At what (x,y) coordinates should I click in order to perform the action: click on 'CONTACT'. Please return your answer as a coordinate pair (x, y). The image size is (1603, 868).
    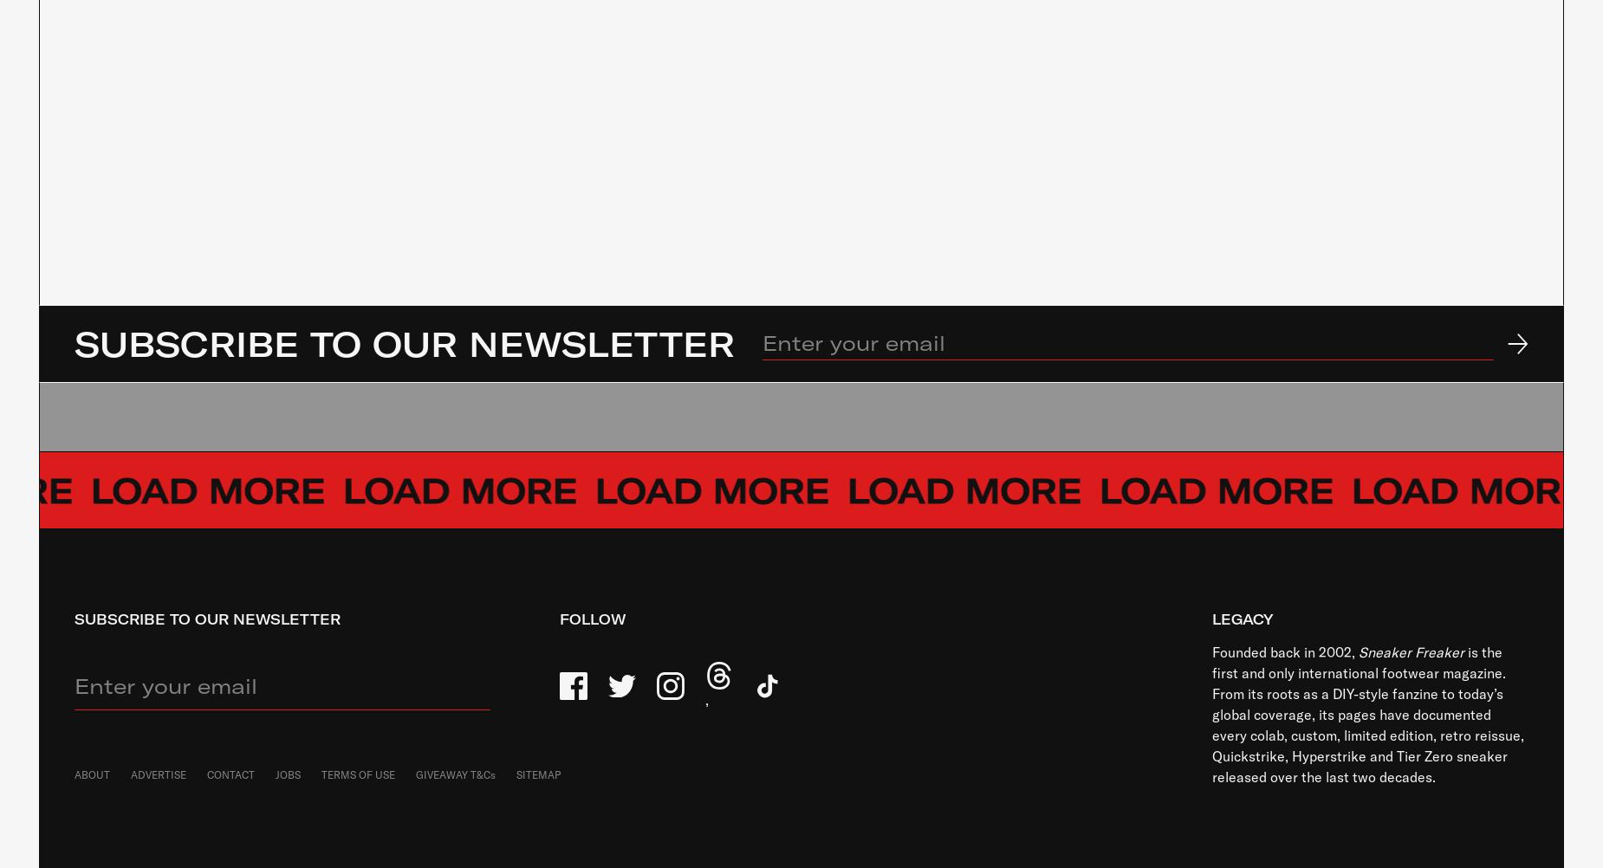
    Looking at the image, I should click on (230, 774).